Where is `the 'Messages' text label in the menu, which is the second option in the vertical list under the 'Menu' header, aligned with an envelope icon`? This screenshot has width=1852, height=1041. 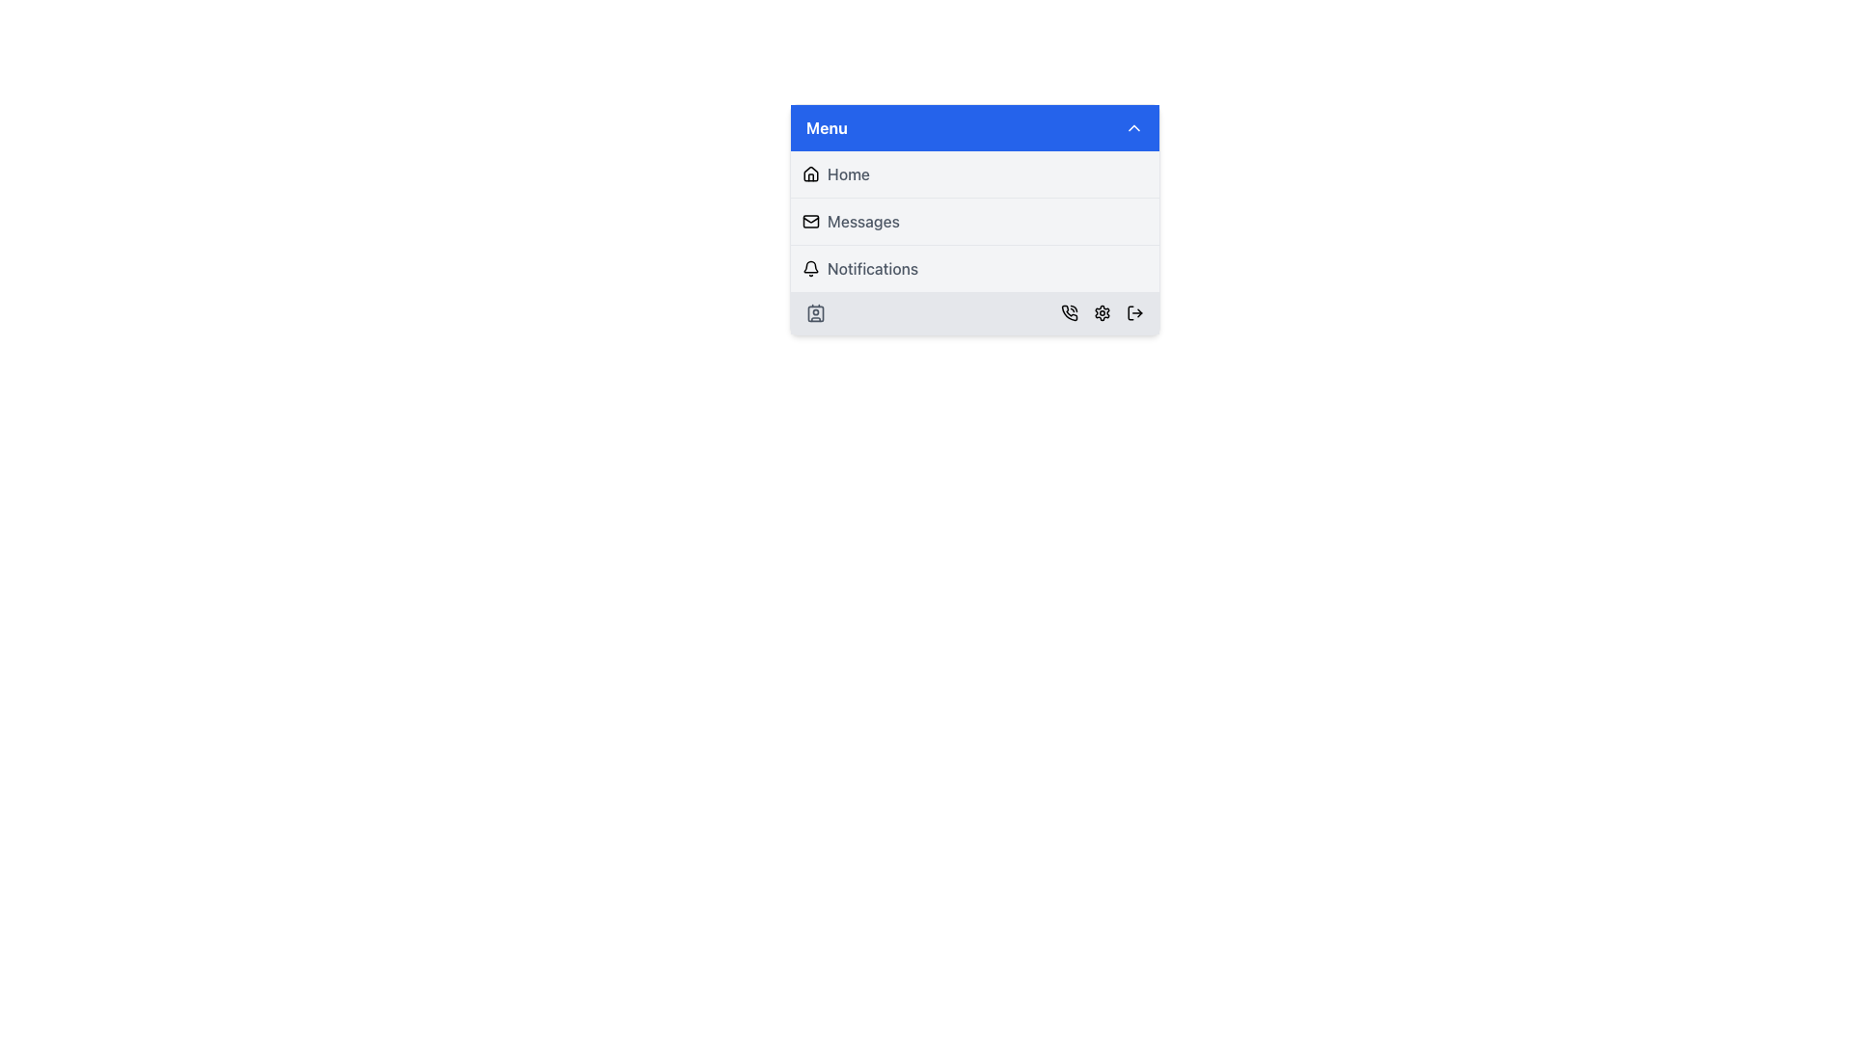
the 'Messages' text label in the menu, which is the second option in the vertical list under the 'Menu' header, aligned with an envelope icon is located at coordinates (862, 221).